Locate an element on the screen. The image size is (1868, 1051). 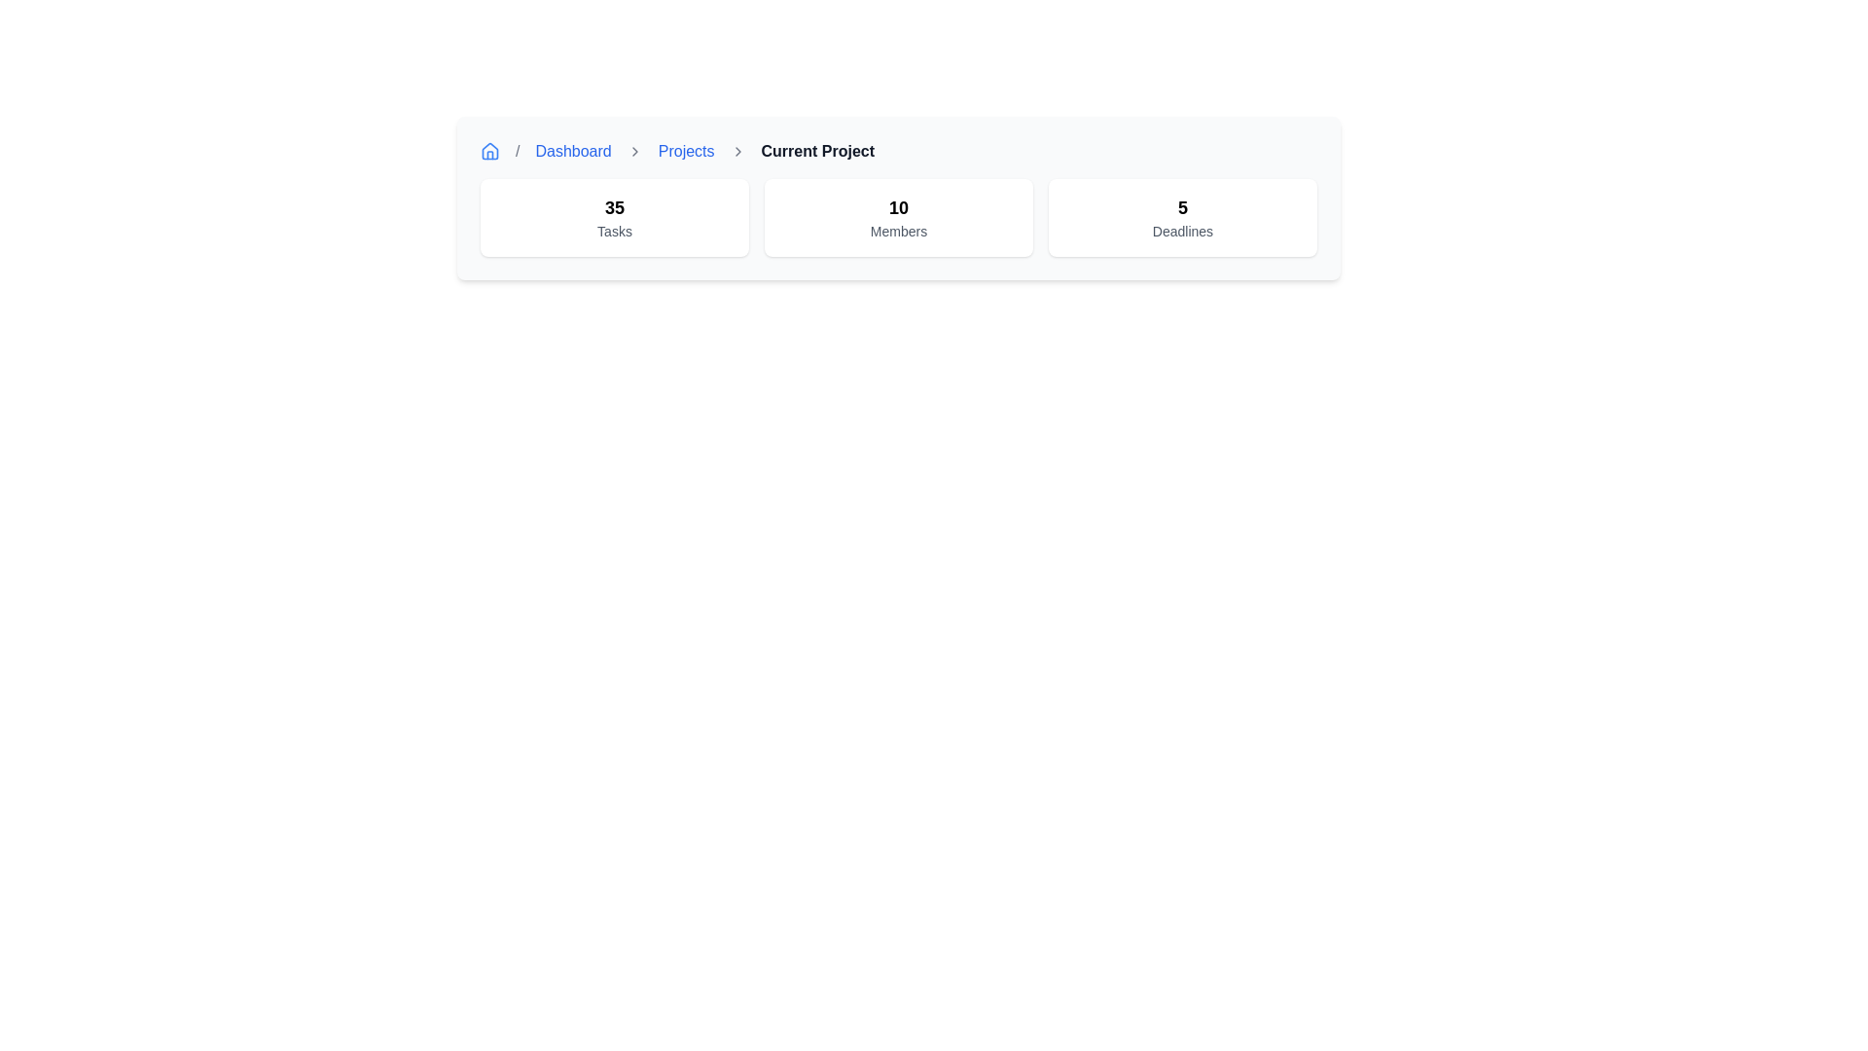
the static text element that indicates the number of deadlines associated with a component or project, specifically the text '5' above the label 'Deadlines' is located at coordinates (1181, 207).